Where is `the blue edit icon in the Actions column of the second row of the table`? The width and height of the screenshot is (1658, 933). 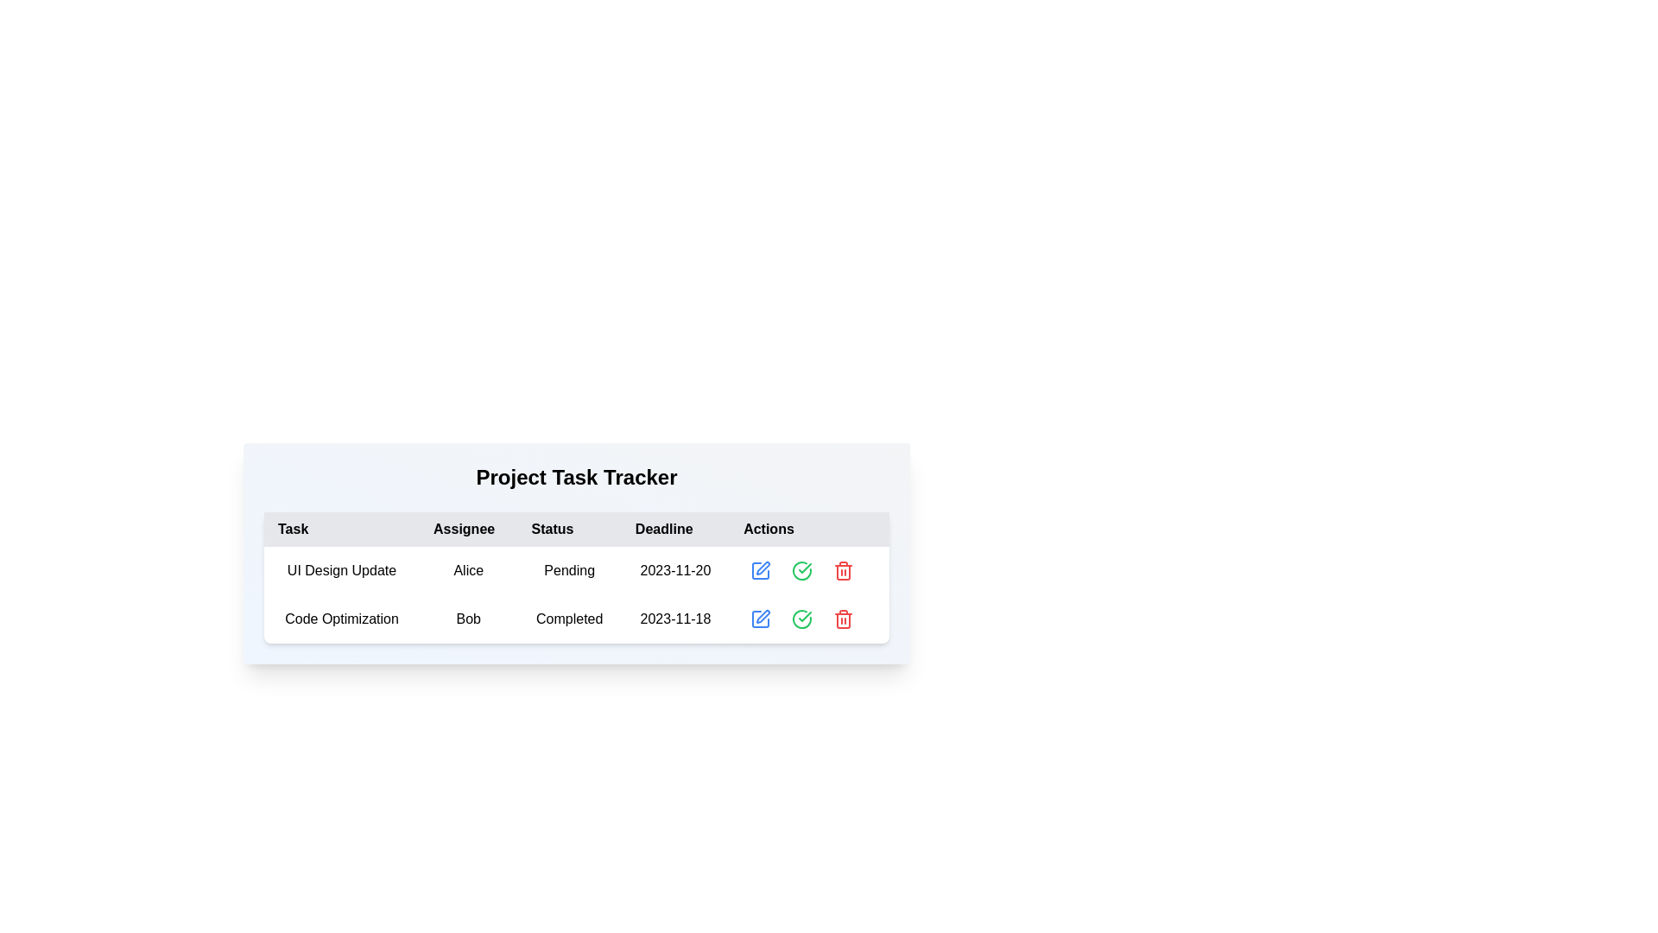
the blue edit icon in the Actions column of the second row of the table is located at coordinates (808, 619).